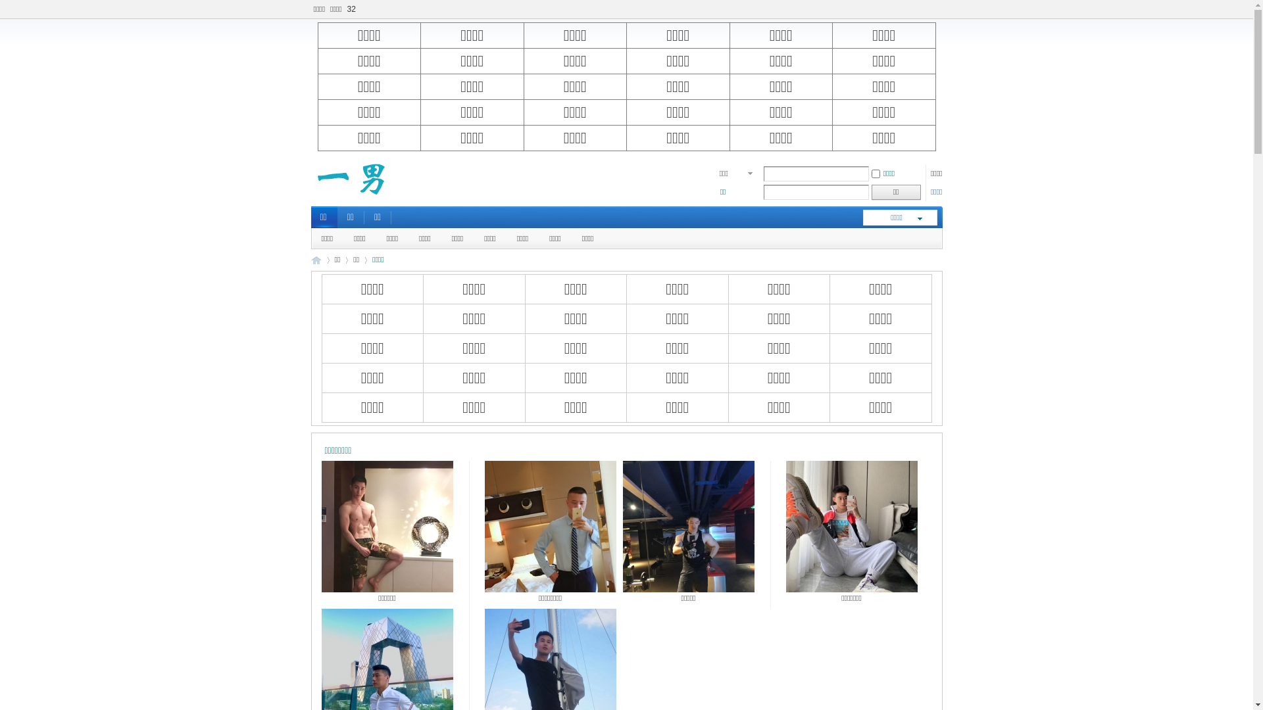 This screenshot has height=710, width=1263. What do you see at coordinates (351, 9) in the screenshot?
I see `'32'` at bounding box center [351, 9].